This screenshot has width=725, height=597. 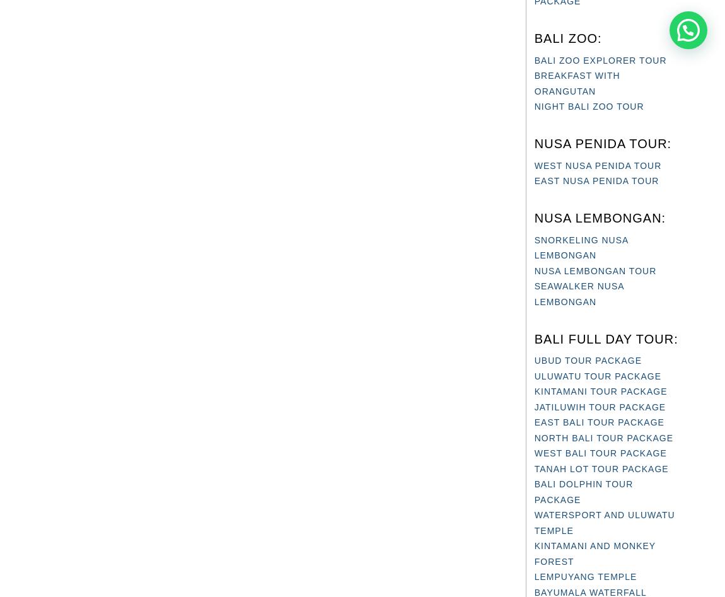 What do you see at coordinates (601, 468) in the screenshot?
I see `'TANAH LOT TOUR PACKAGE'` at bounding box center [601, 468].